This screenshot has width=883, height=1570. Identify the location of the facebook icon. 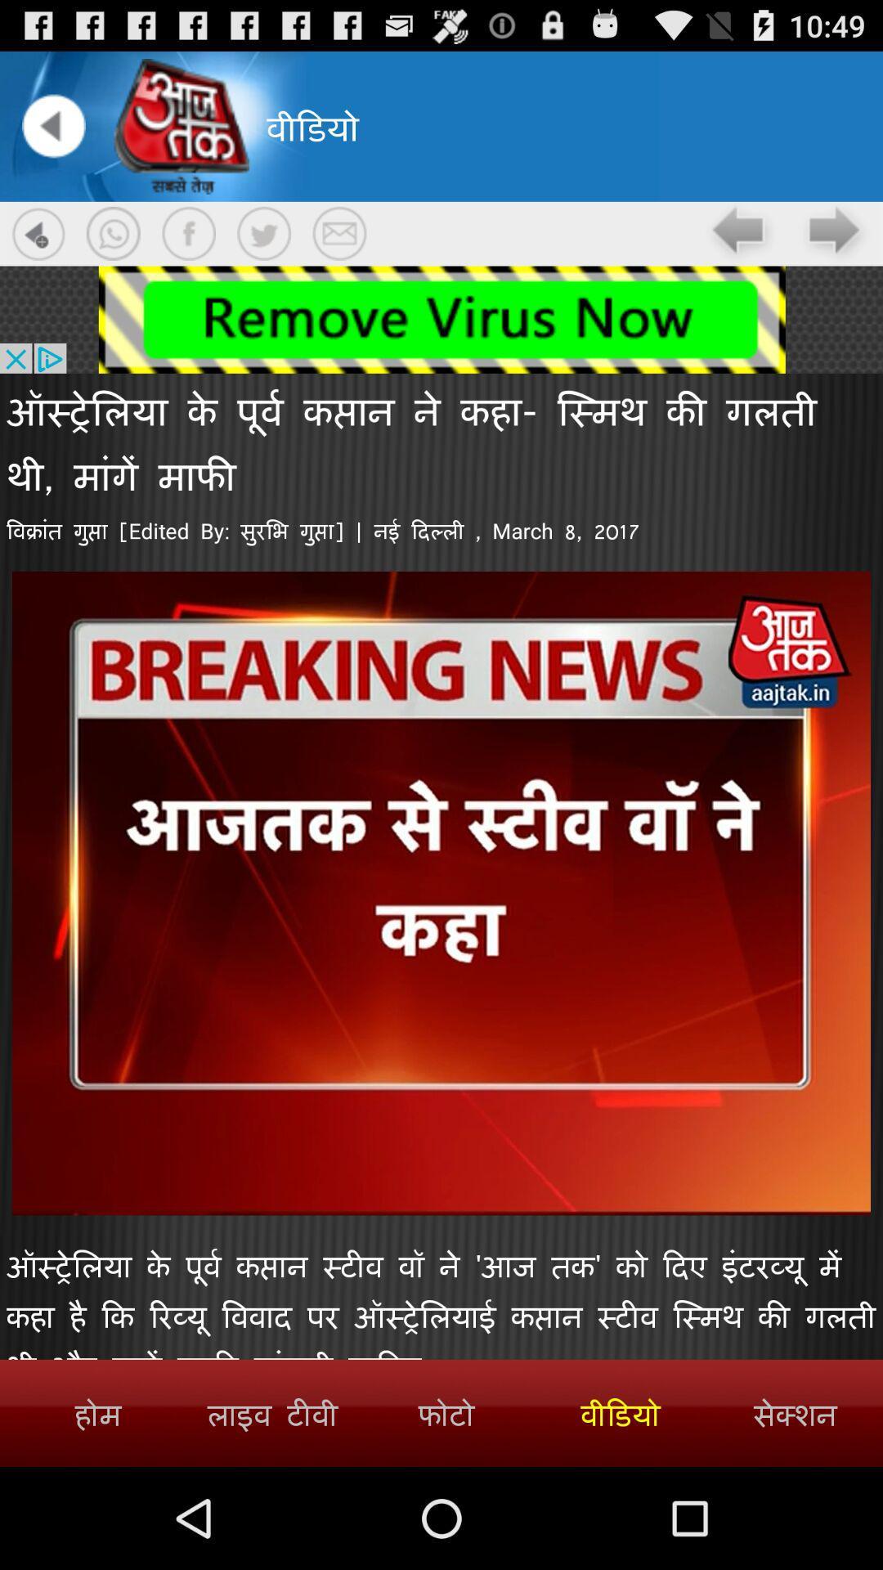
(188, 249).